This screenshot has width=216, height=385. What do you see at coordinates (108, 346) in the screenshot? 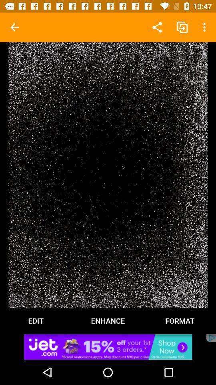
I see `click on advertisement` at bounding box center [108, 346].